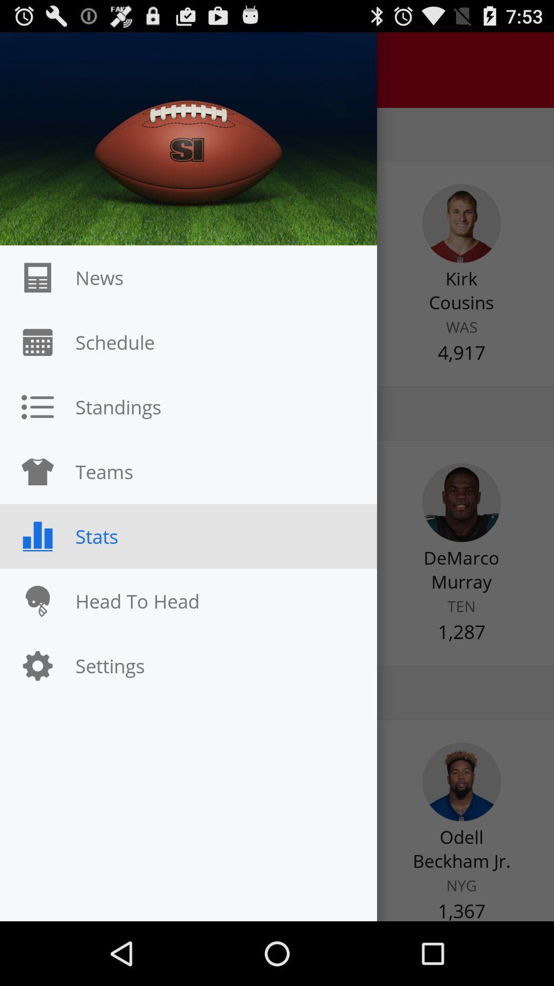  What do you see at coordinates (461, 837) in the screenshot?
I see `the avatar icon` at bounding box center [461, 837].